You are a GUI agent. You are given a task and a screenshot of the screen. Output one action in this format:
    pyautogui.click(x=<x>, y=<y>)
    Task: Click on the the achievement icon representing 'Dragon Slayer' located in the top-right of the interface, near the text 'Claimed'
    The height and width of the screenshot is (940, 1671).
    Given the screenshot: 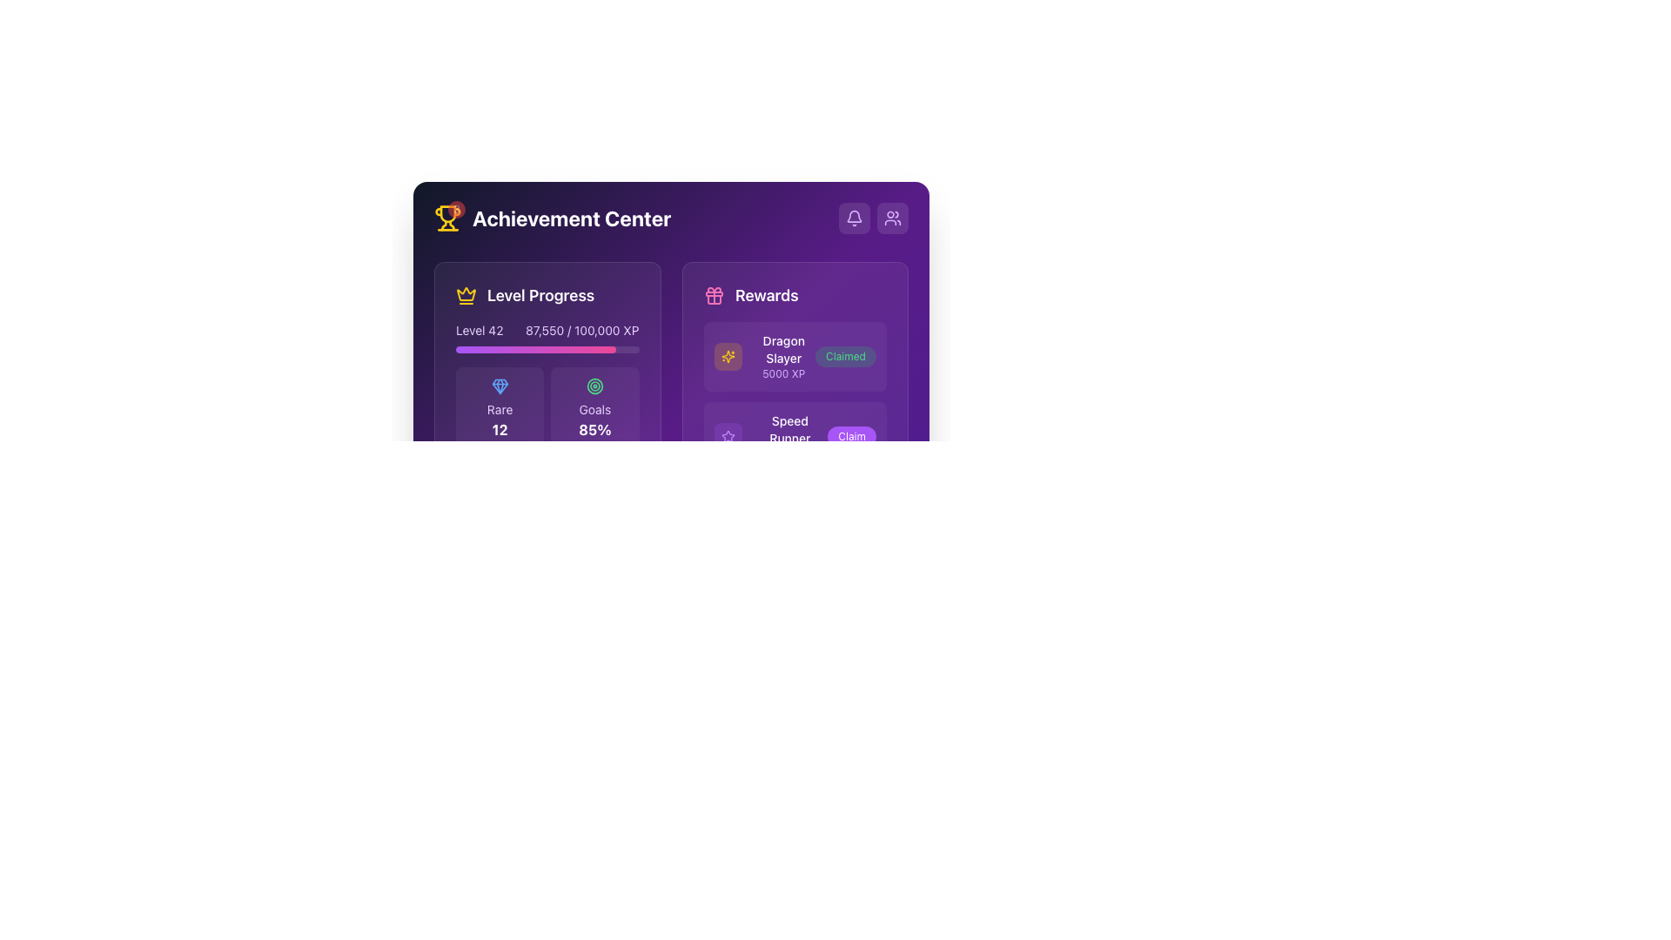 What is the action you would take?
    pyautogui.click(x=728, y=435)
    